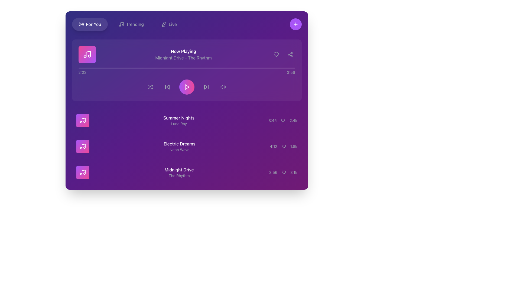 The image size is (520, 292). I want to click on the heart icon in the metadata display for the song 'Midnight Drive', which shows its duration and popularity, so click(283, 172).